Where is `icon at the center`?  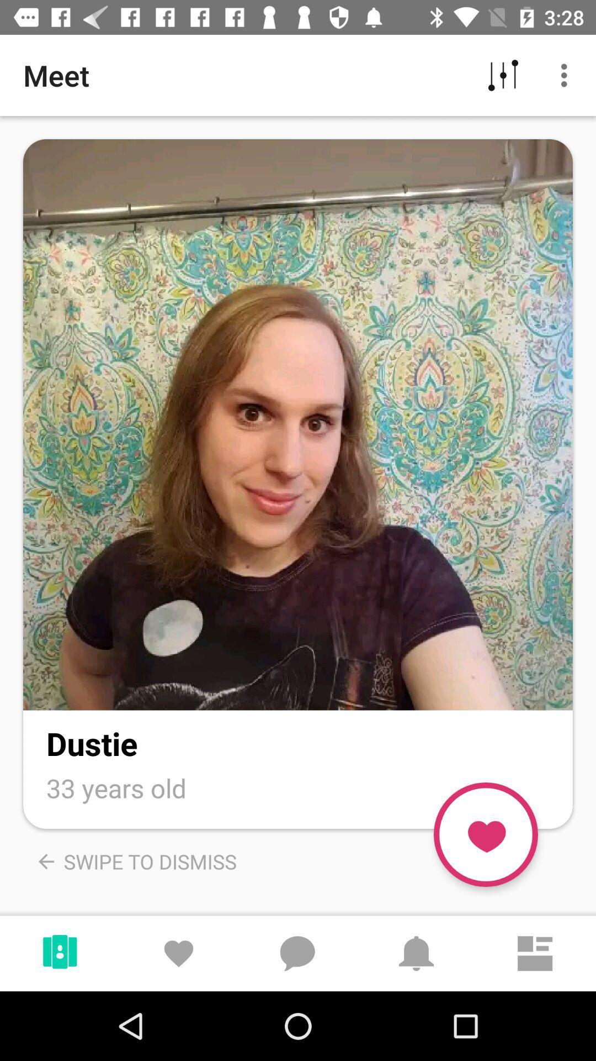 icon at the center is located at coordinates (298, 424).